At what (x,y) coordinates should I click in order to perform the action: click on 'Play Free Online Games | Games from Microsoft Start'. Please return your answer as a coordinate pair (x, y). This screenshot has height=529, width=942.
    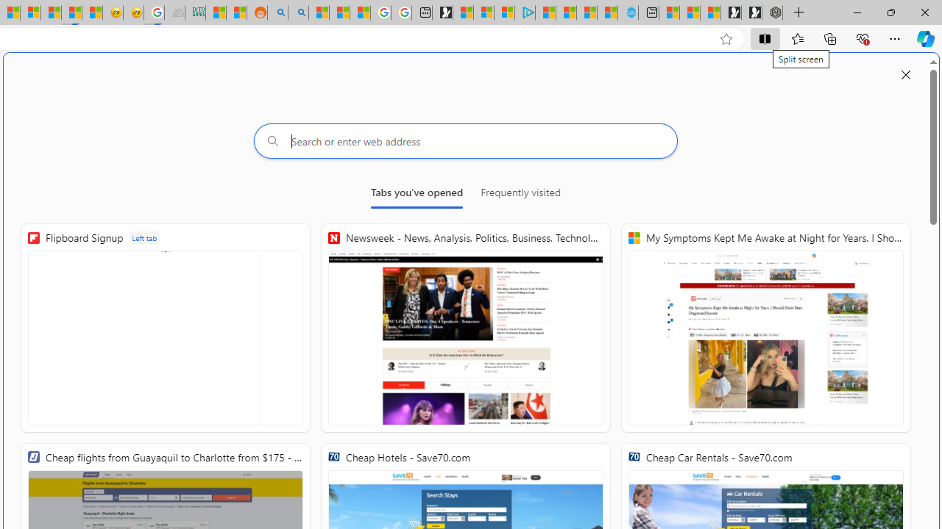
    Looking at the image, I should click on (751, 12).